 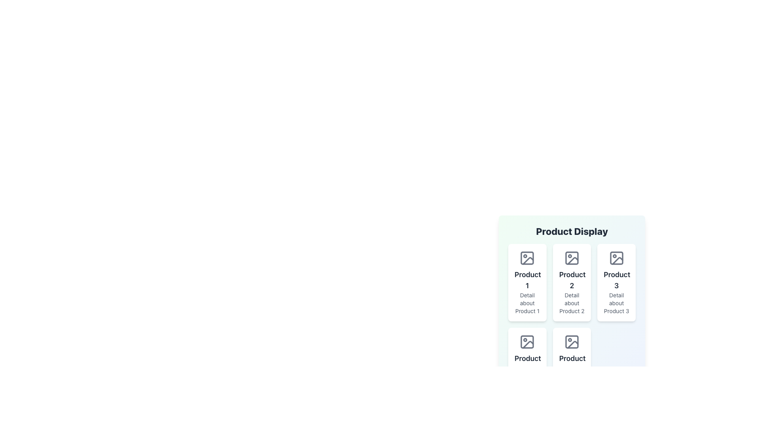 I want to click on supplementary text label providing additional details about 'Product 3', which is the second text component in the vertical stack within the 'Product 3' card, so click(x=616, y=303).